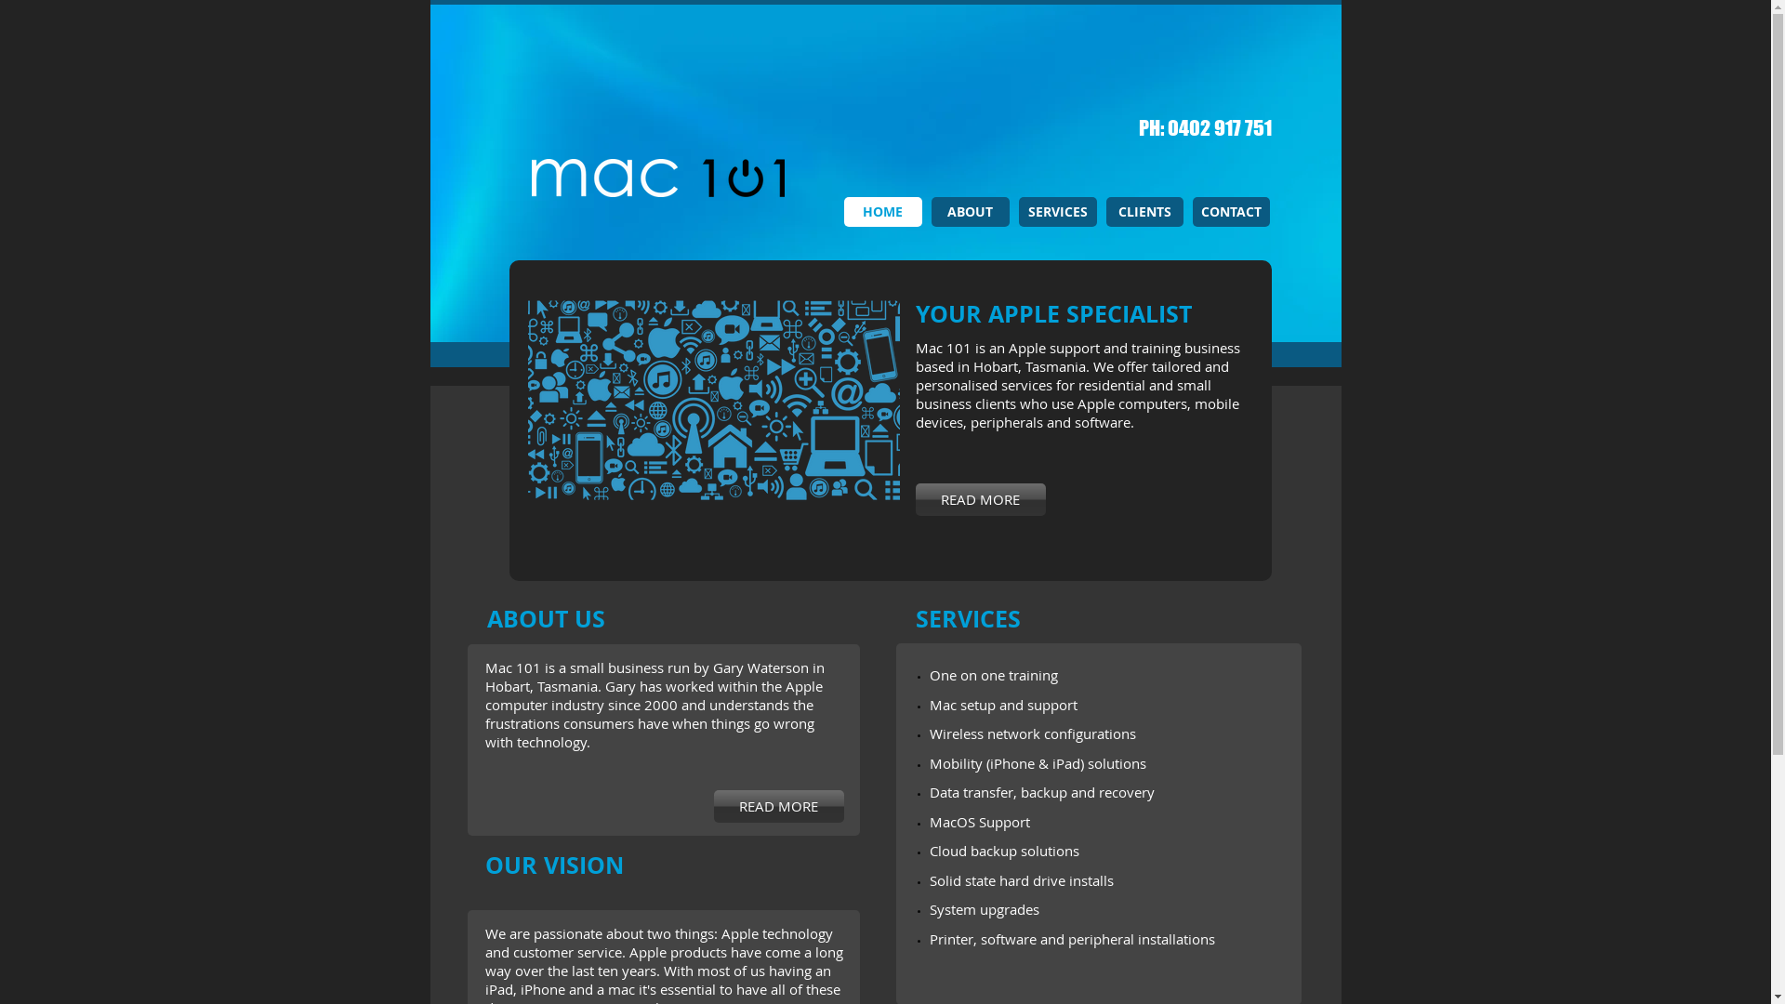 The width and height of the screenshot is (1785, 1004). What do you see at coordinates (882, 210) in the screenshot?
I see `'HOME'` at bounding box center [882, 210].